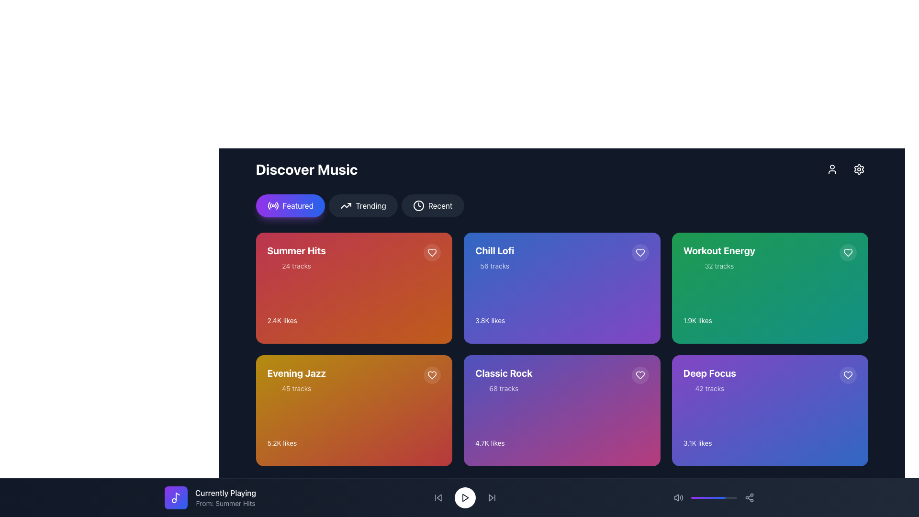 This screenshot has width=919, height=517. I want to click on the heart-shaped interactive icon button located in the top-right corner of the 'Summer Hits' card, so click(432, 374).